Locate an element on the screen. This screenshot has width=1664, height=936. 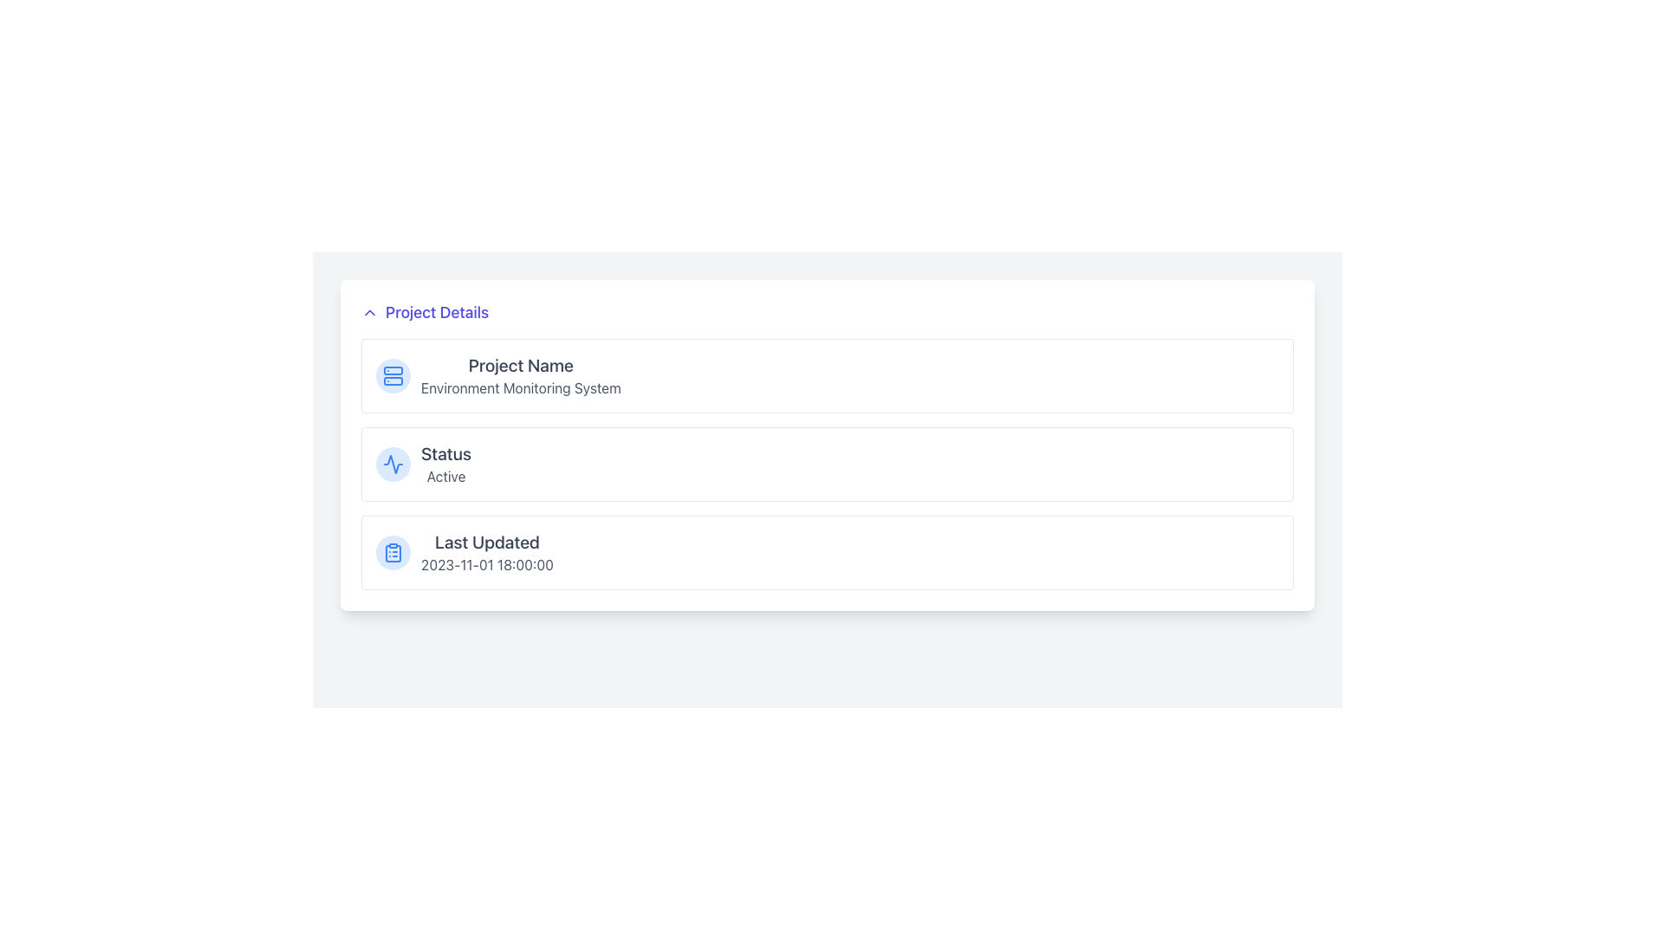
the Information Display Block that shows the status labeled 'Status' with the current status as 'Active', located between the 'Project Name' and 'Last Updated' sections is located at coordinates (827, 464).